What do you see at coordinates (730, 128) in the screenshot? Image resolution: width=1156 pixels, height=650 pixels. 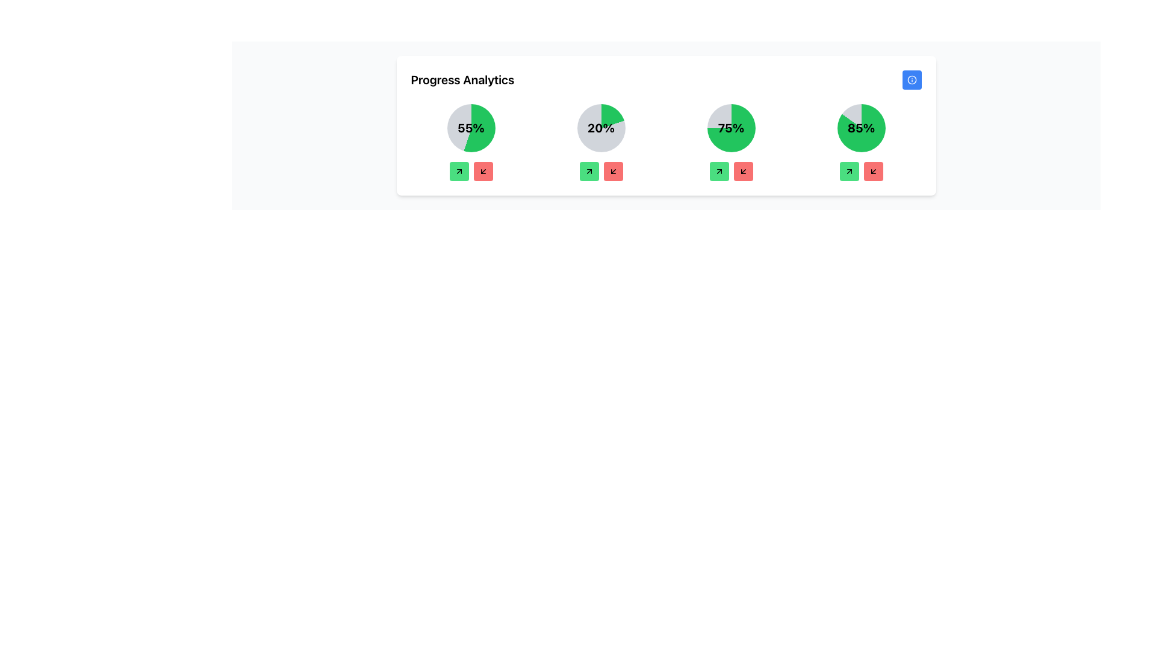 I see `percentage value displayed as '75%' in bold black font centered in the third circular progress indicator, which has a segmented green and gray background` at bounding box center [730, 128].